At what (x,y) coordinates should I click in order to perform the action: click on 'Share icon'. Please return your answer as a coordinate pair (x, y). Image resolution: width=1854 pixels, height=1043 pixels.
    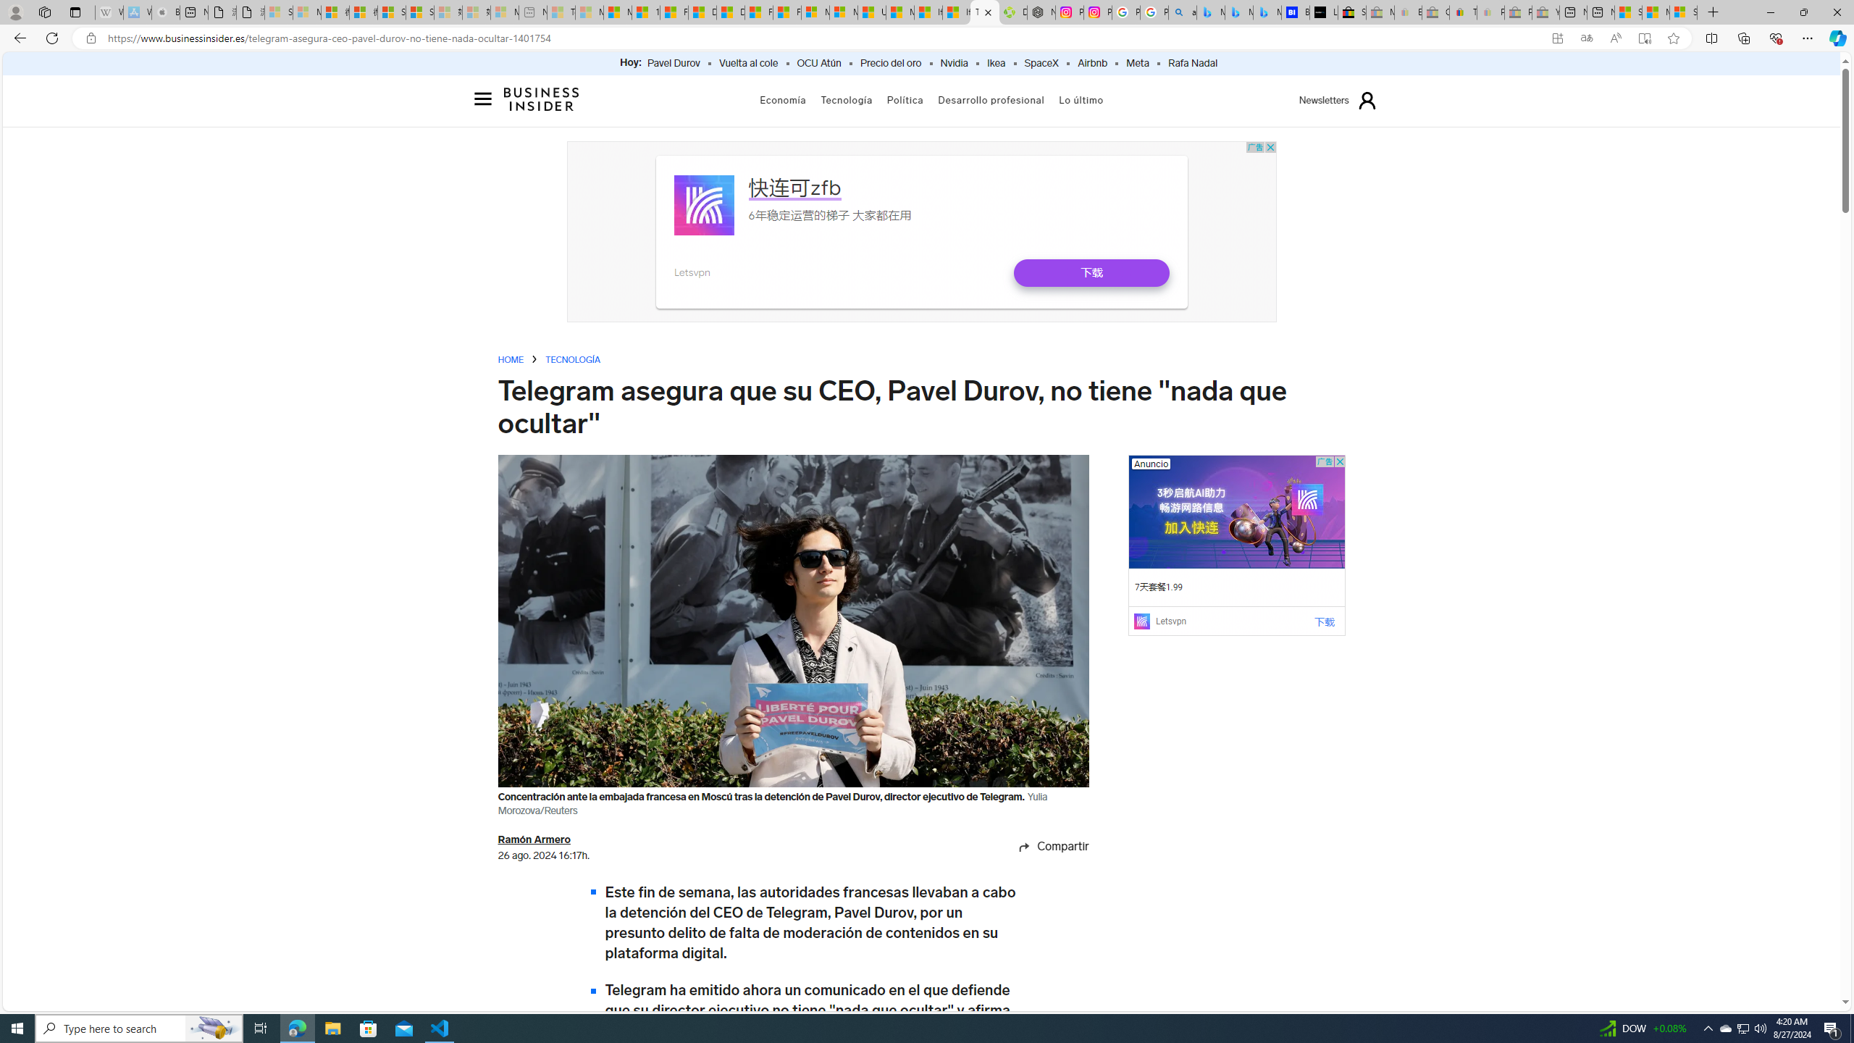
    Looking at the image, I should click on (1024, 846).